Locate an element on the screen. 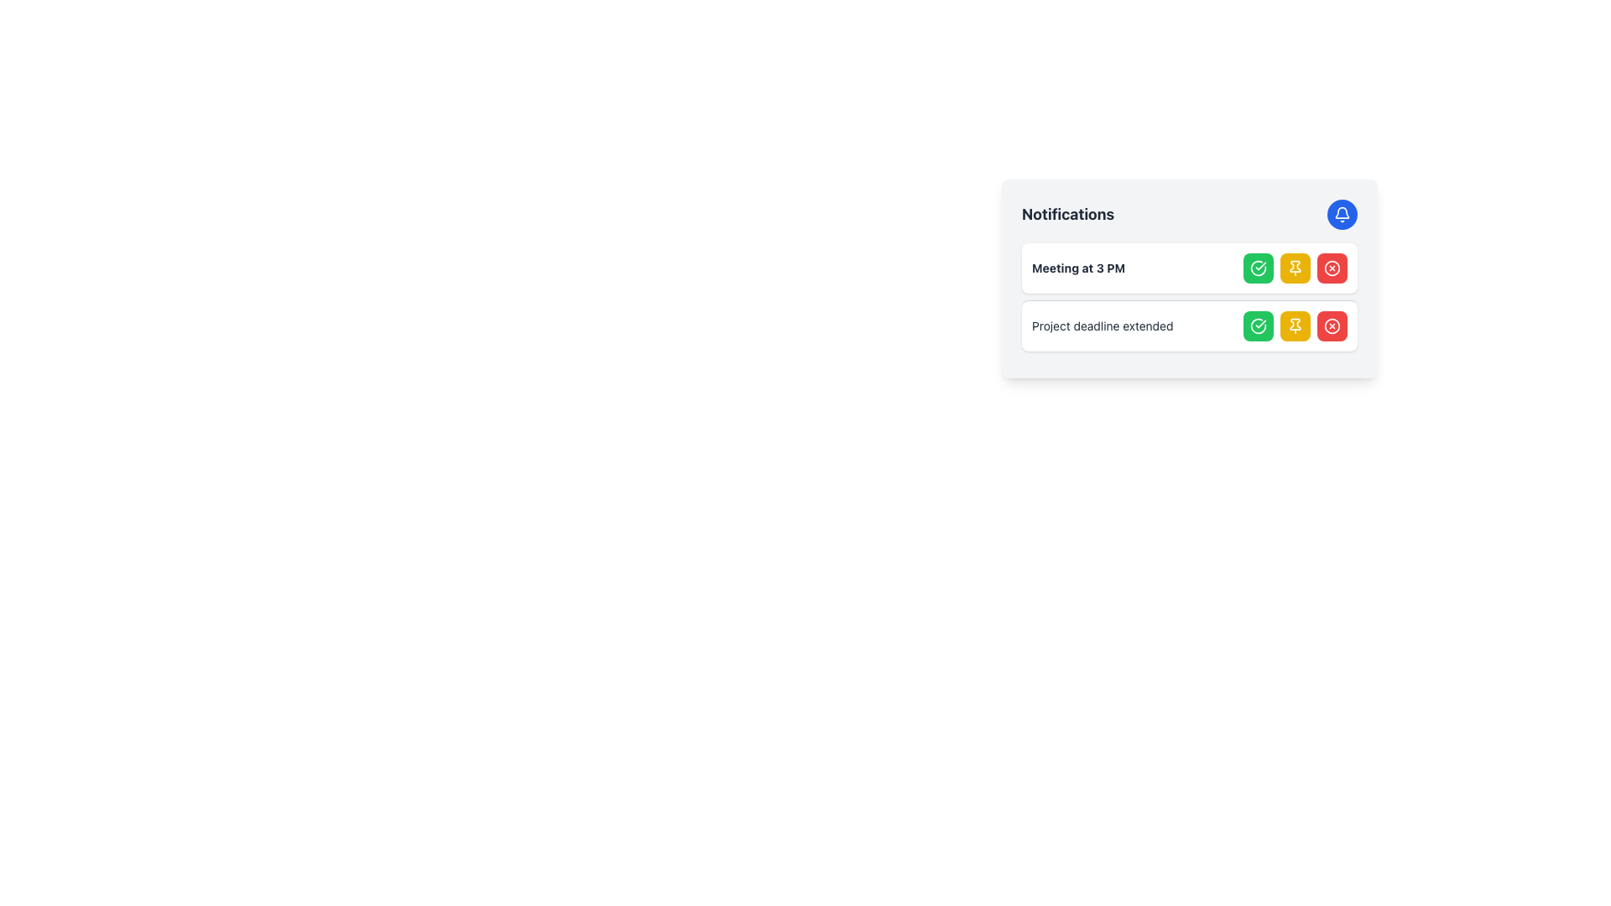 Image resolution: width=1611 pixels, height=906 pixels. the yellow button that serves as a pinning option for the 'Meeting at 3 PM' notification is located at coordinates (1295, 268).